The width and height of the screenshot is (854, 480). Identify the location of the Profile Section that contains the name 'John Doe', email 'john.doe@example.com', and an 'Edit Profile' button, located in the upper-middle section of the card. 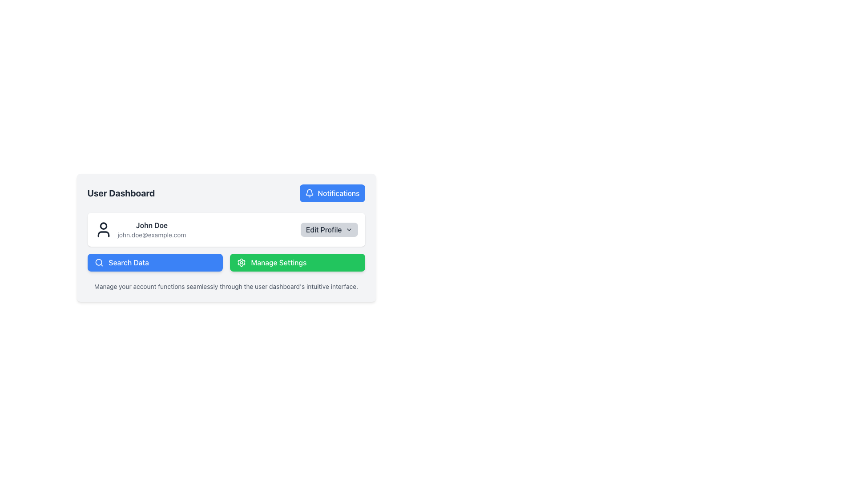
(226, 229).